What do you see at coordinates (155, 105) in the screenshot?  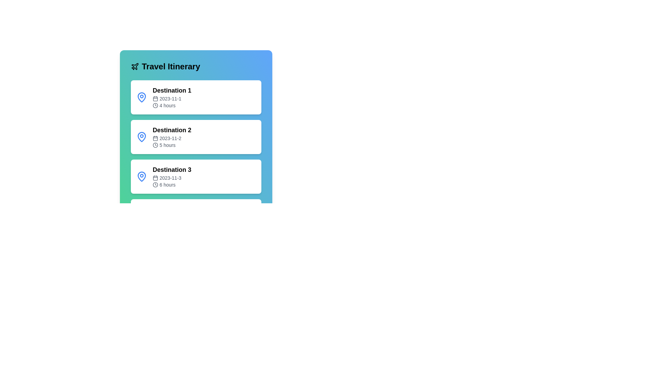 I see `the clock icon located to the left of the text '4 hours' in the first destination entry of the itinerary list` at bounding box center [155, 105].